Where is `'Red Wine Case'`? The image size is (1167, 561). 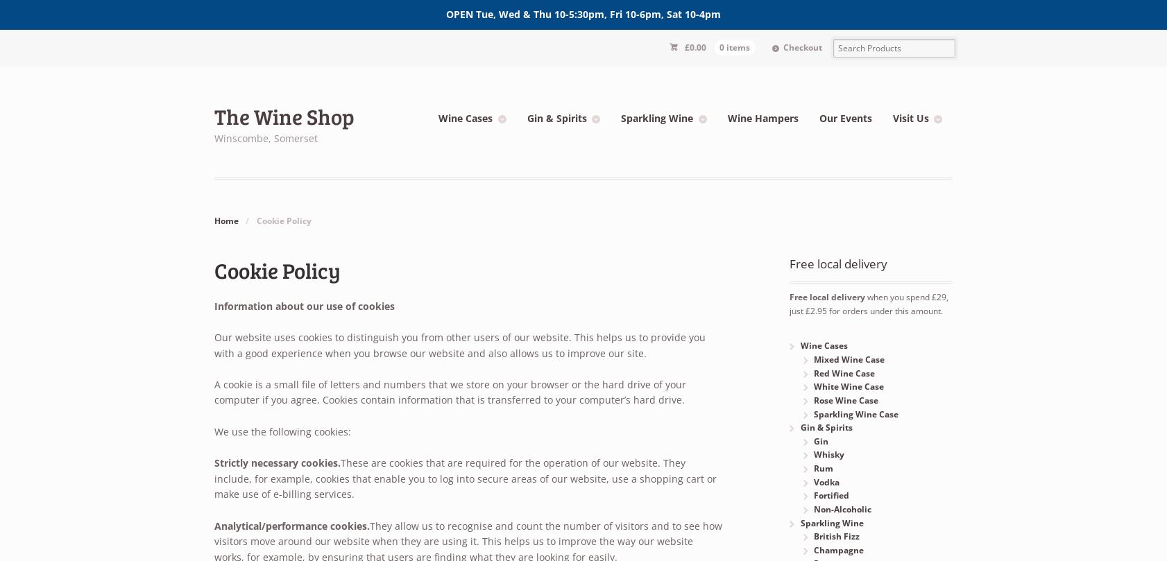
'Red Wine Case' is located at coordinates (842, 372).